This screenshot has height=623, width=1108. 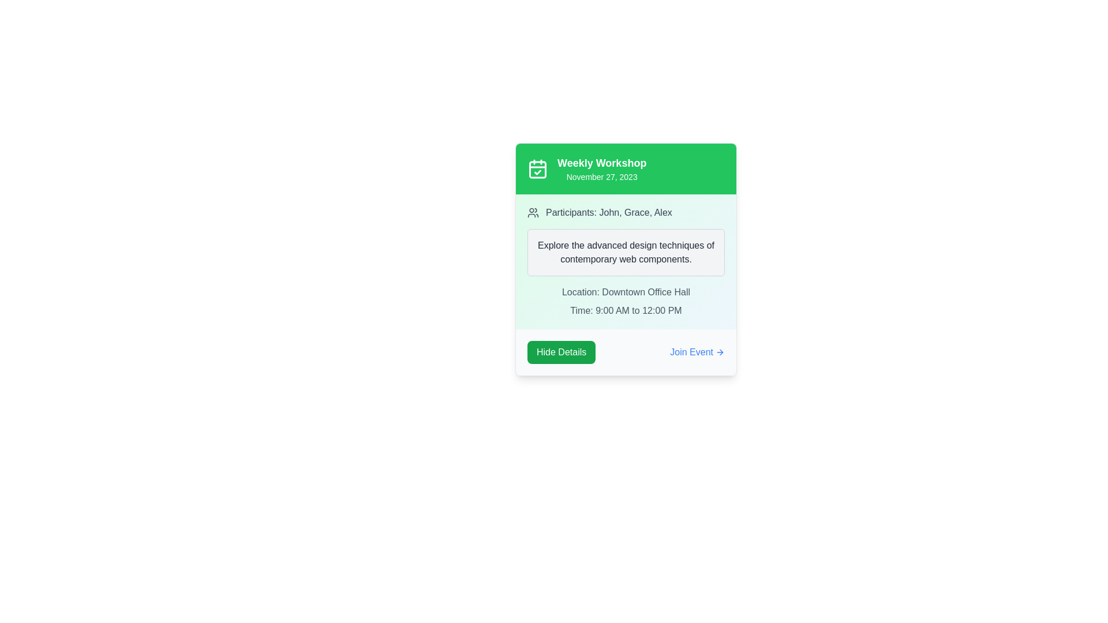 What do you see at coordinates (601, 177) in the screenshot?
I see `text content of the Text label that displays 'November 27, 2023', which is located below the bold title 'Weekly Workshop' within a green banner at the top of the card` at bounding box center [601, 177].